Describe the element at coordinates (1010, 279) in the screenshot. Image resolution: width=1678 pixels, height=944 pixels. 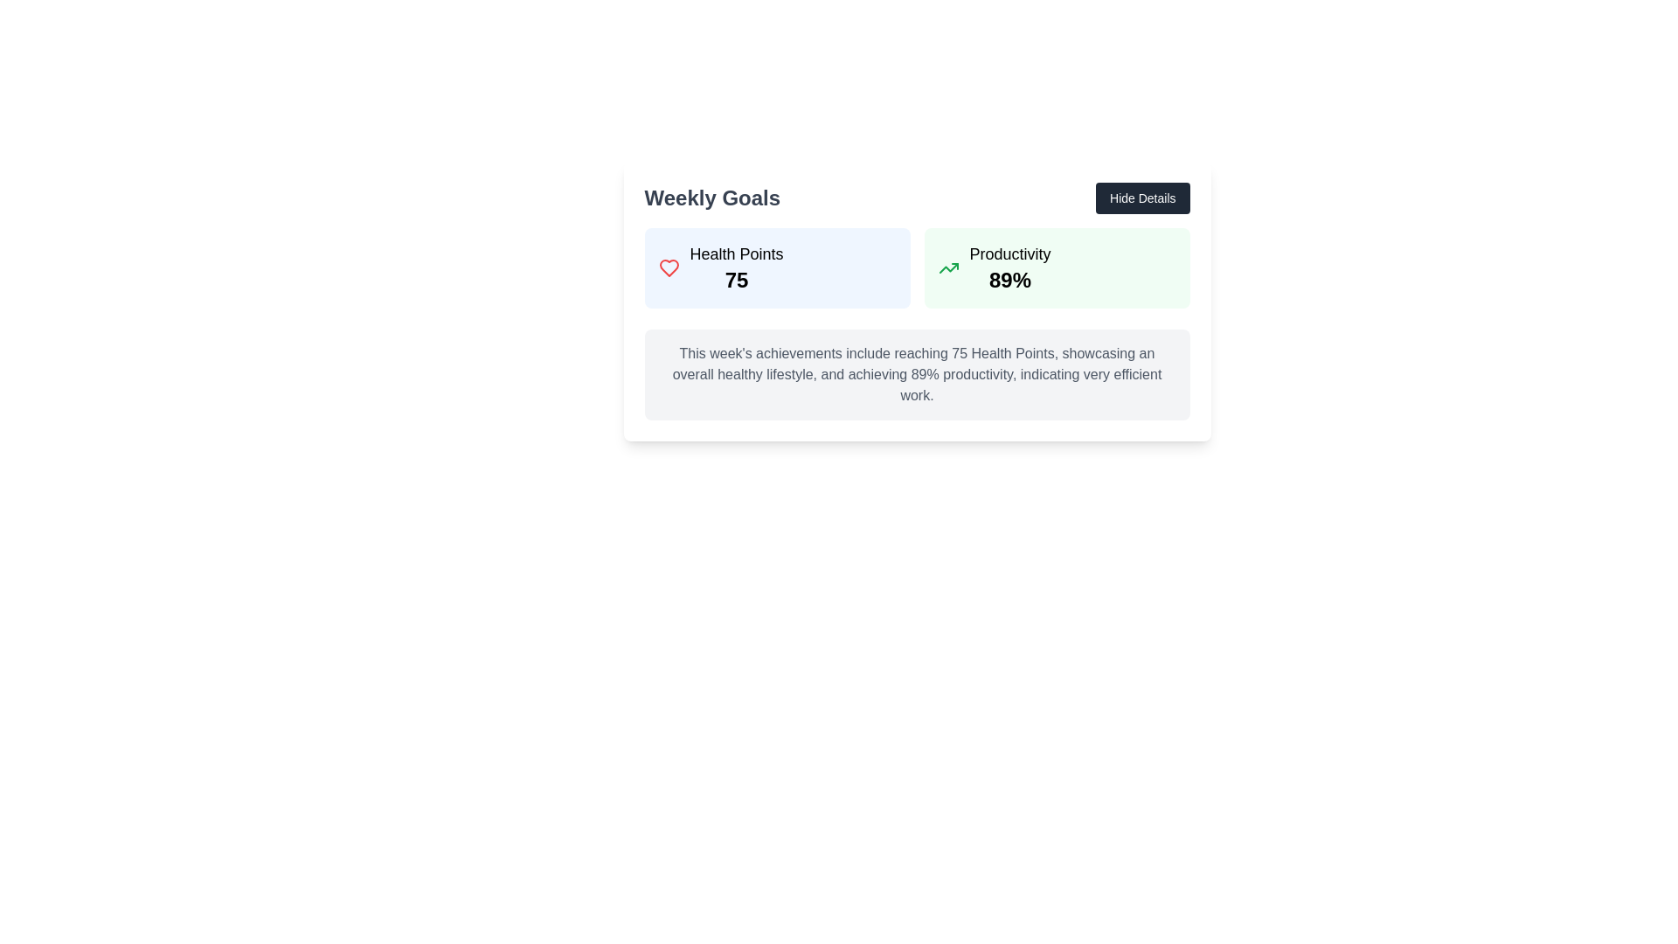
I see `the Text Label that displays the productivity percentage, located in the 'Productivity' section under the 'Weekly Goals' heading` at that location.